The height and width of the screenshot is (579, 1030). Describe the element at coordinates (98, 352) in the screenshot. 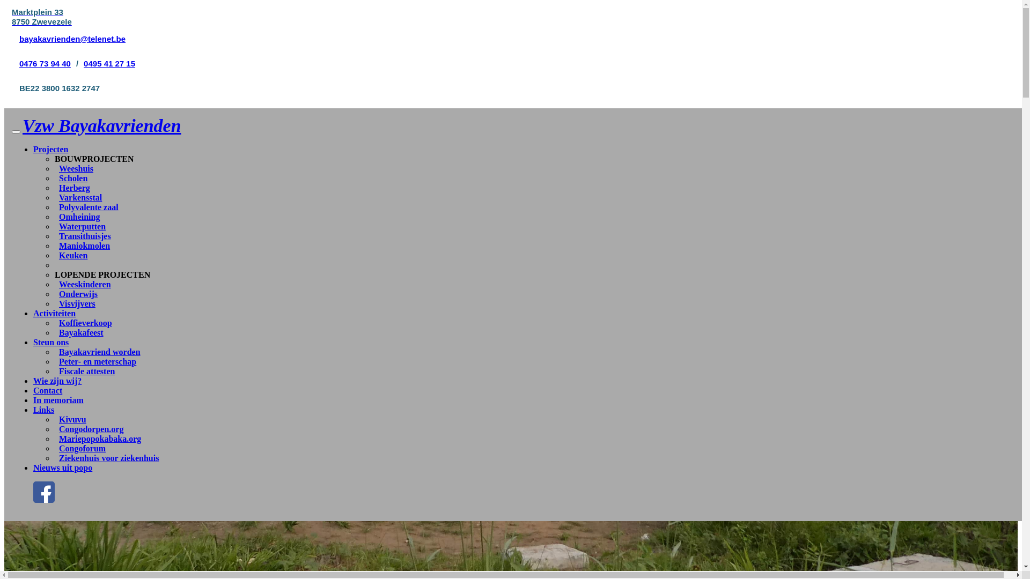

I see `'Bayakavriend worden'` at that location.